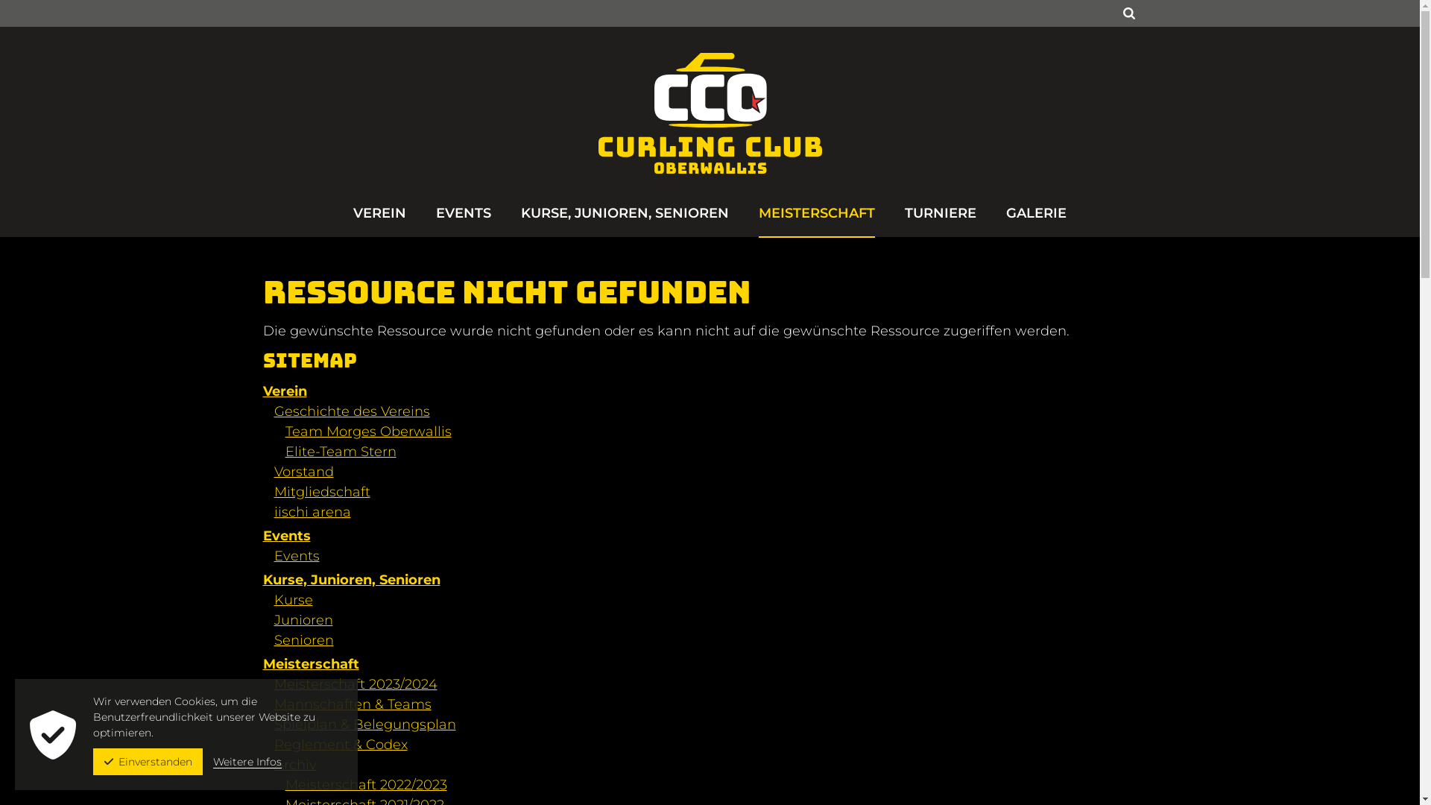 This screenshot has width=1431, height=805. I want to click on 'Kurse, Junioren, Senioren', so click(350, 579).